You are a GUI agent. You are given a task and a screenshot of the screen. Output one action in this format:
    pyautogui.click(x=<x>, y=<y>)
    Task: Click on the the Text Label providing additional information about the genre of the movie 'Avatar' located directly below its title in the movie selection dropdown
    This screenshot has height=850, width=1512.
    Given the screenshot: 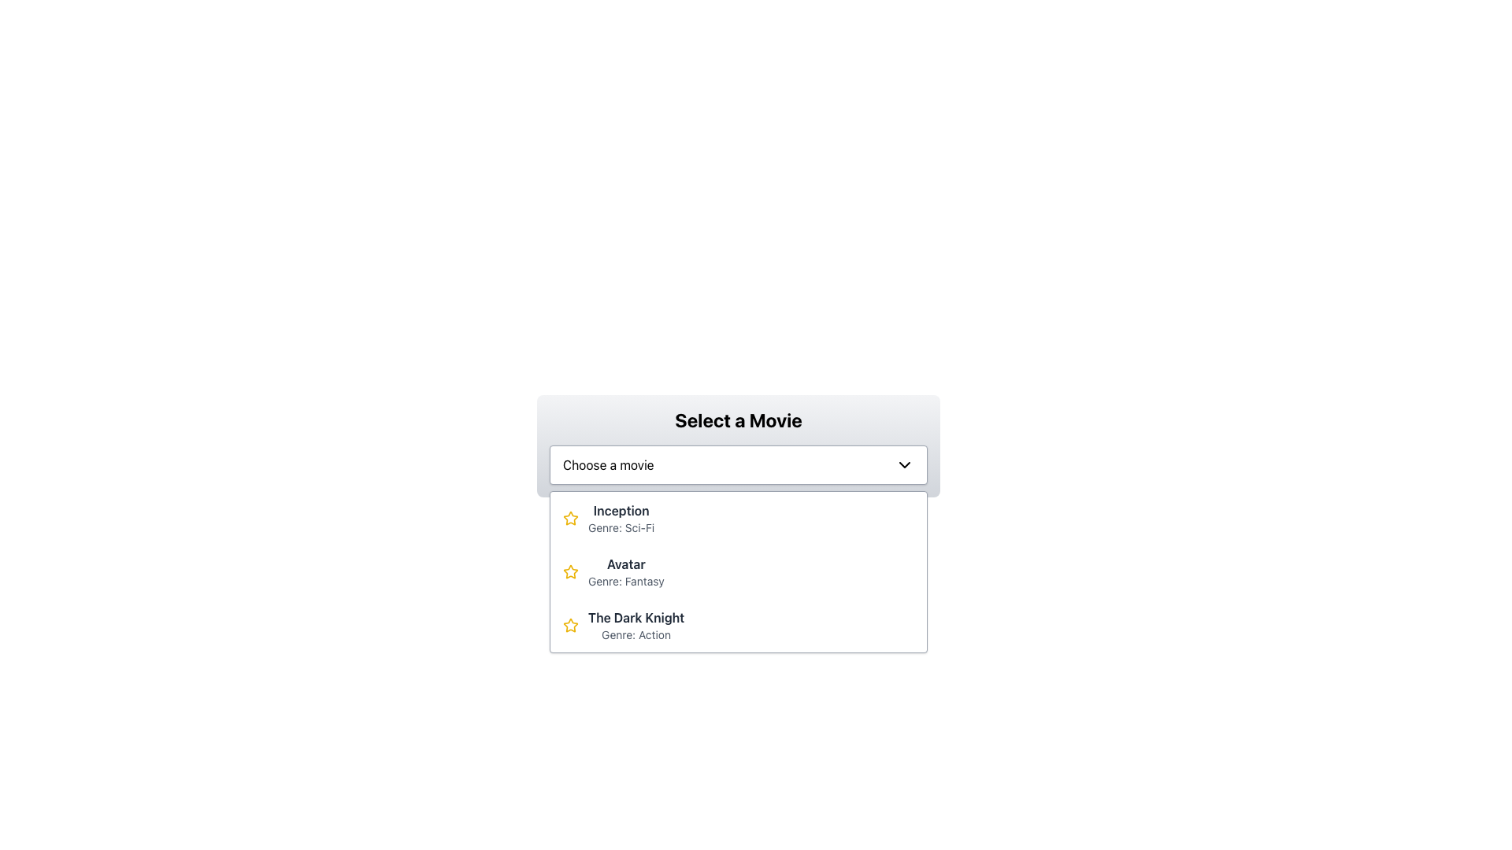 What is the action you would take?
    pyautogui.click(x=625, y=582)
    